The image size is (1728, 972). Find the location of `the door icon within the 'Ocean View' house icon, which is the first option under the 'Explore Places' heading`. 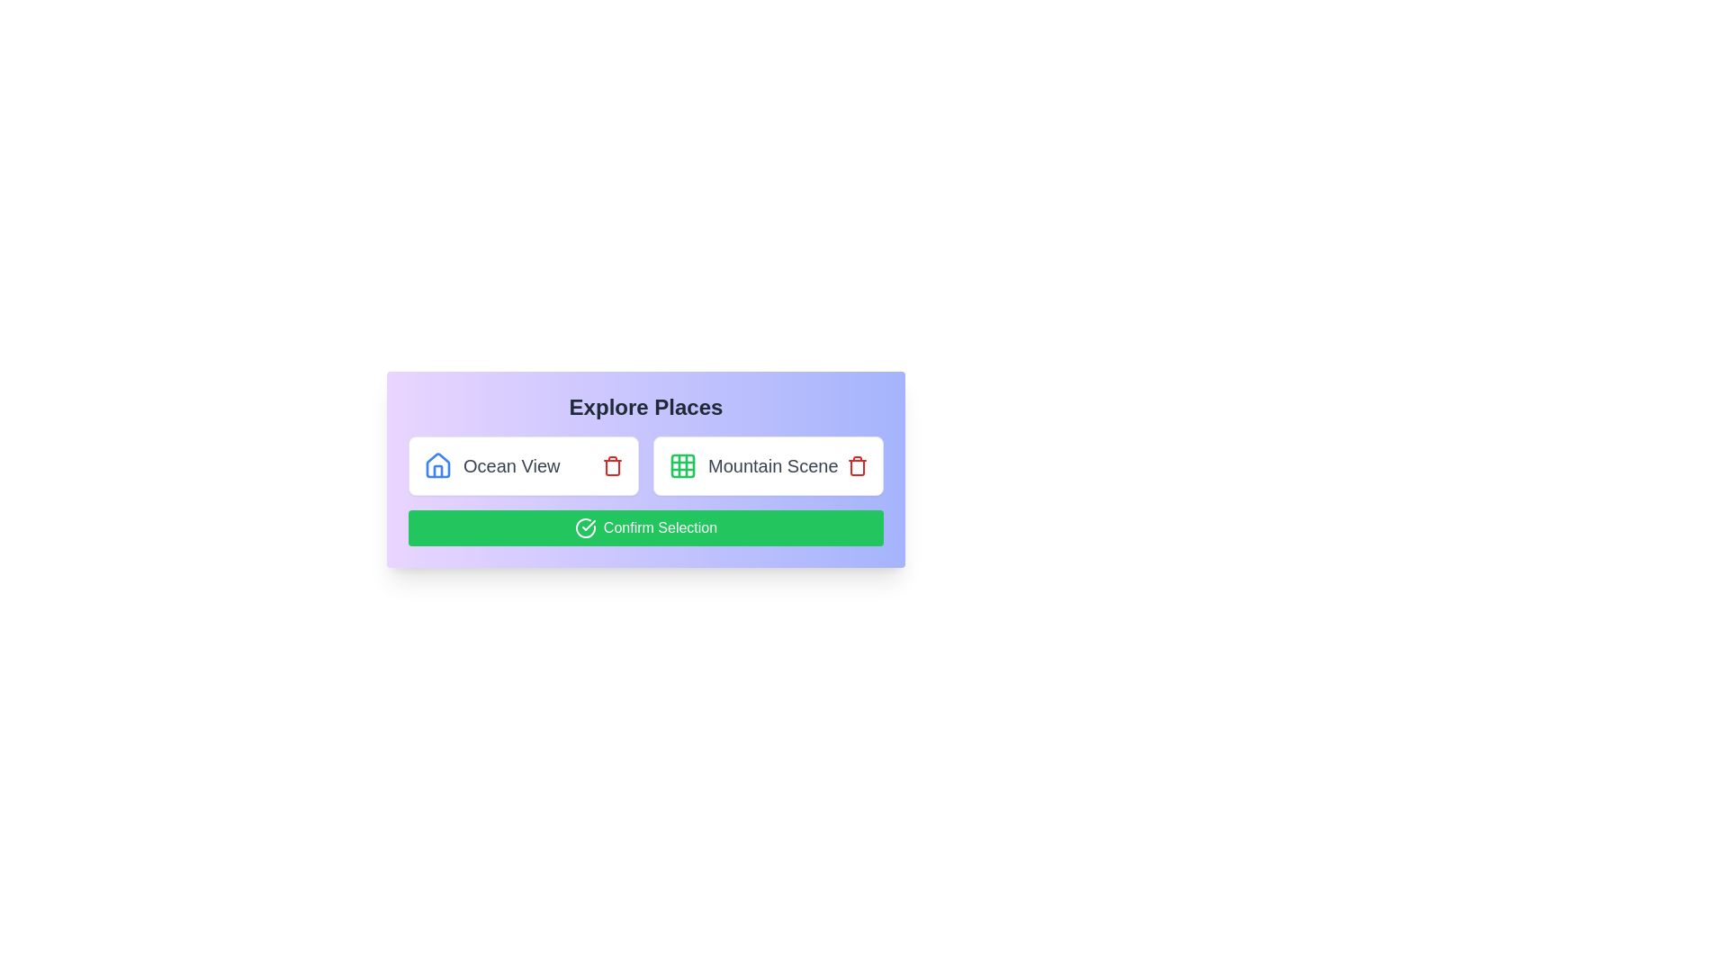

the door icon within the 'Ocean View' house icon, which is the first option under the 'Explore Places' heading is located at coordinates (437, 471).